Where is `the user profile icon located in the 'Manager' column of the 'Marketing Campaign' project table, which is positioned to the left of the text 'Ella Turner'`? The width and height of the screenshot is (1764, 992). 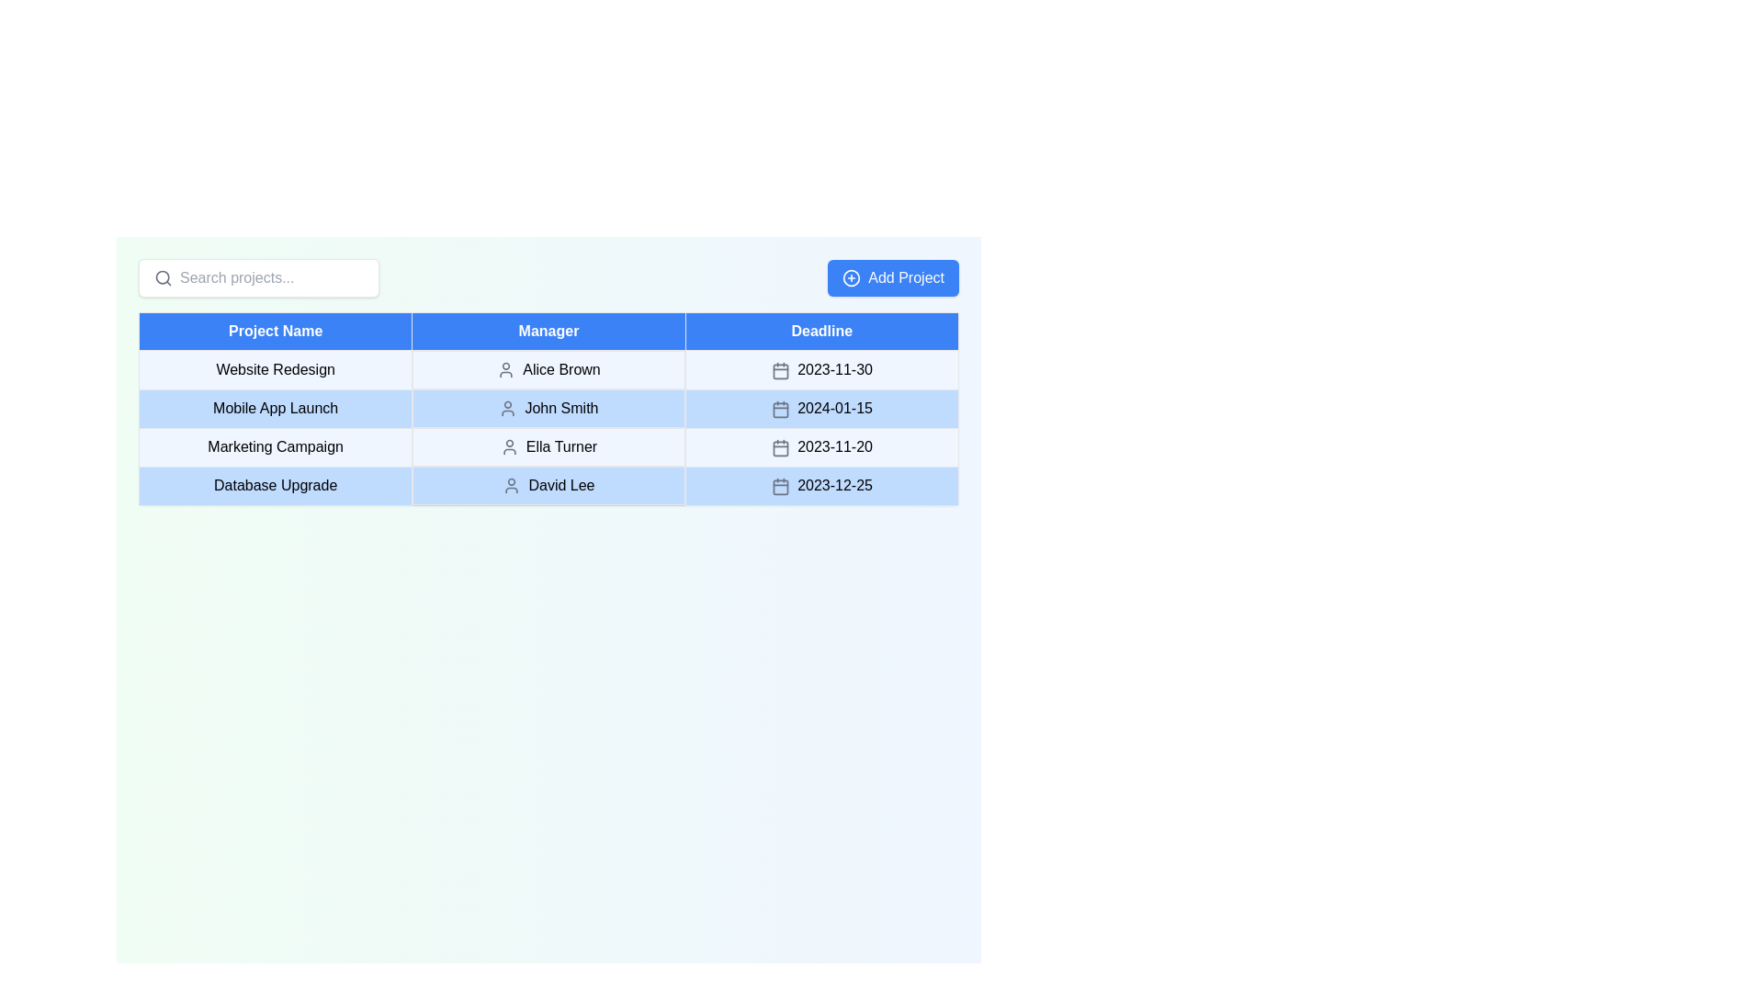
the user profile icon located in the 'Manager' column of the 'Marketing Campaign' project table, which is positioned to the left of the text 'Ella Turner' is located at coordinates (509, 446).